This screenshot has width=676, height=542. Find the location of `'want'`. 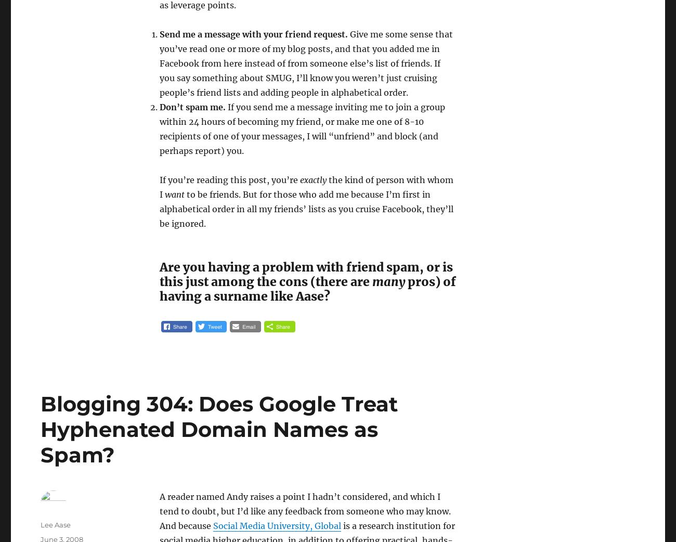

'want' is located at coordinates (174, 193).